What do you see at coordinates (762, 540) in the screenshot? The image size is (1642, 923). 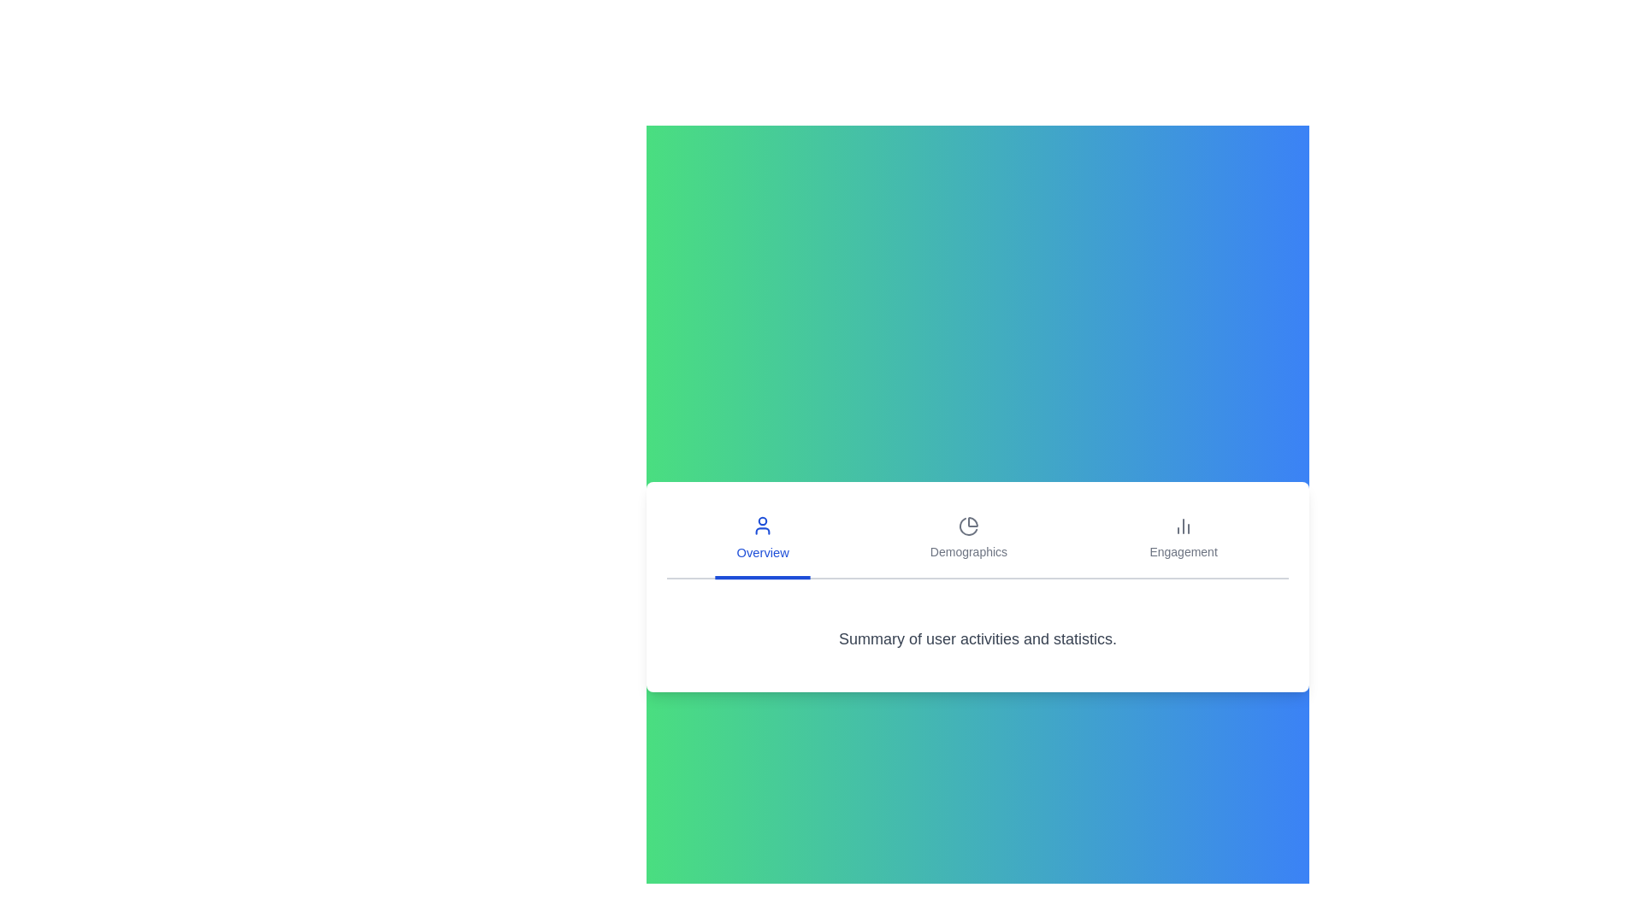 I see `the Overview tab by clicking on its navigation button` at bounding box center [762, 540].